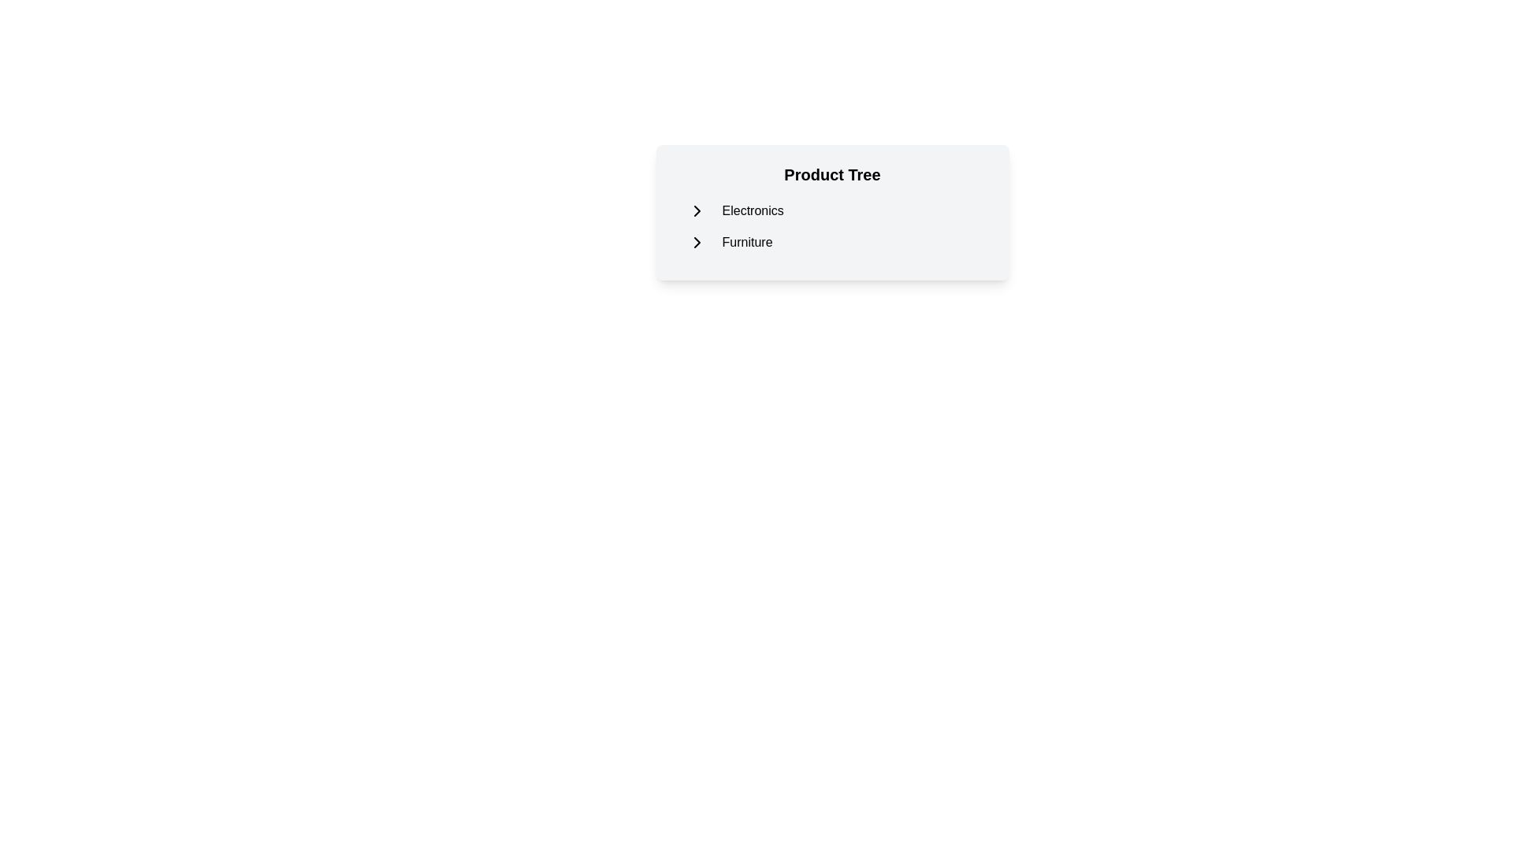 The height and width of the screenshot is (851, 1513). I want to click on the small chevron icon button styled as a right-pointing arrow, which is located to the left of the 'Electronics' text, so click(696, 210).